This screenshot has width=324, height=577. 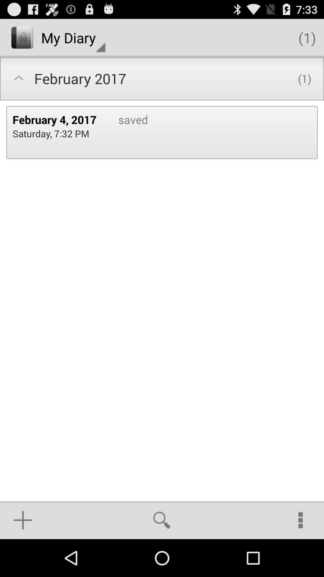 I want to click on item below saturday 7 32, so click(x=22, y=520).